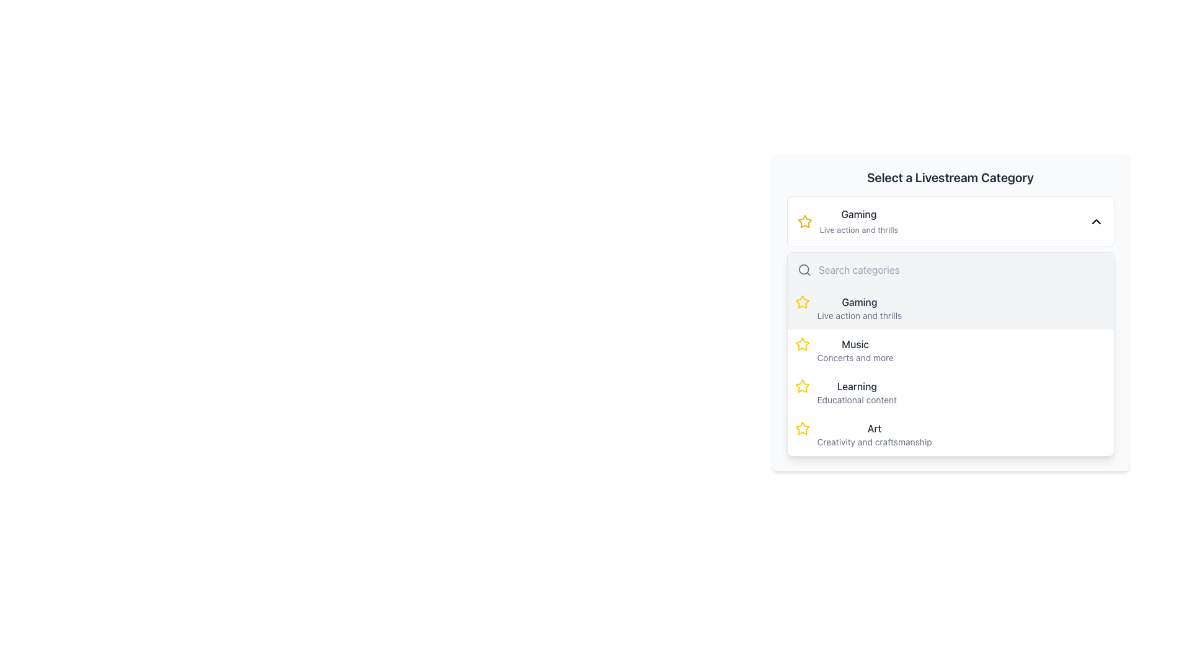 The height and width of the screenshot is (669, 1190). I want to click on the 'Art' text display, so click(874, 434).